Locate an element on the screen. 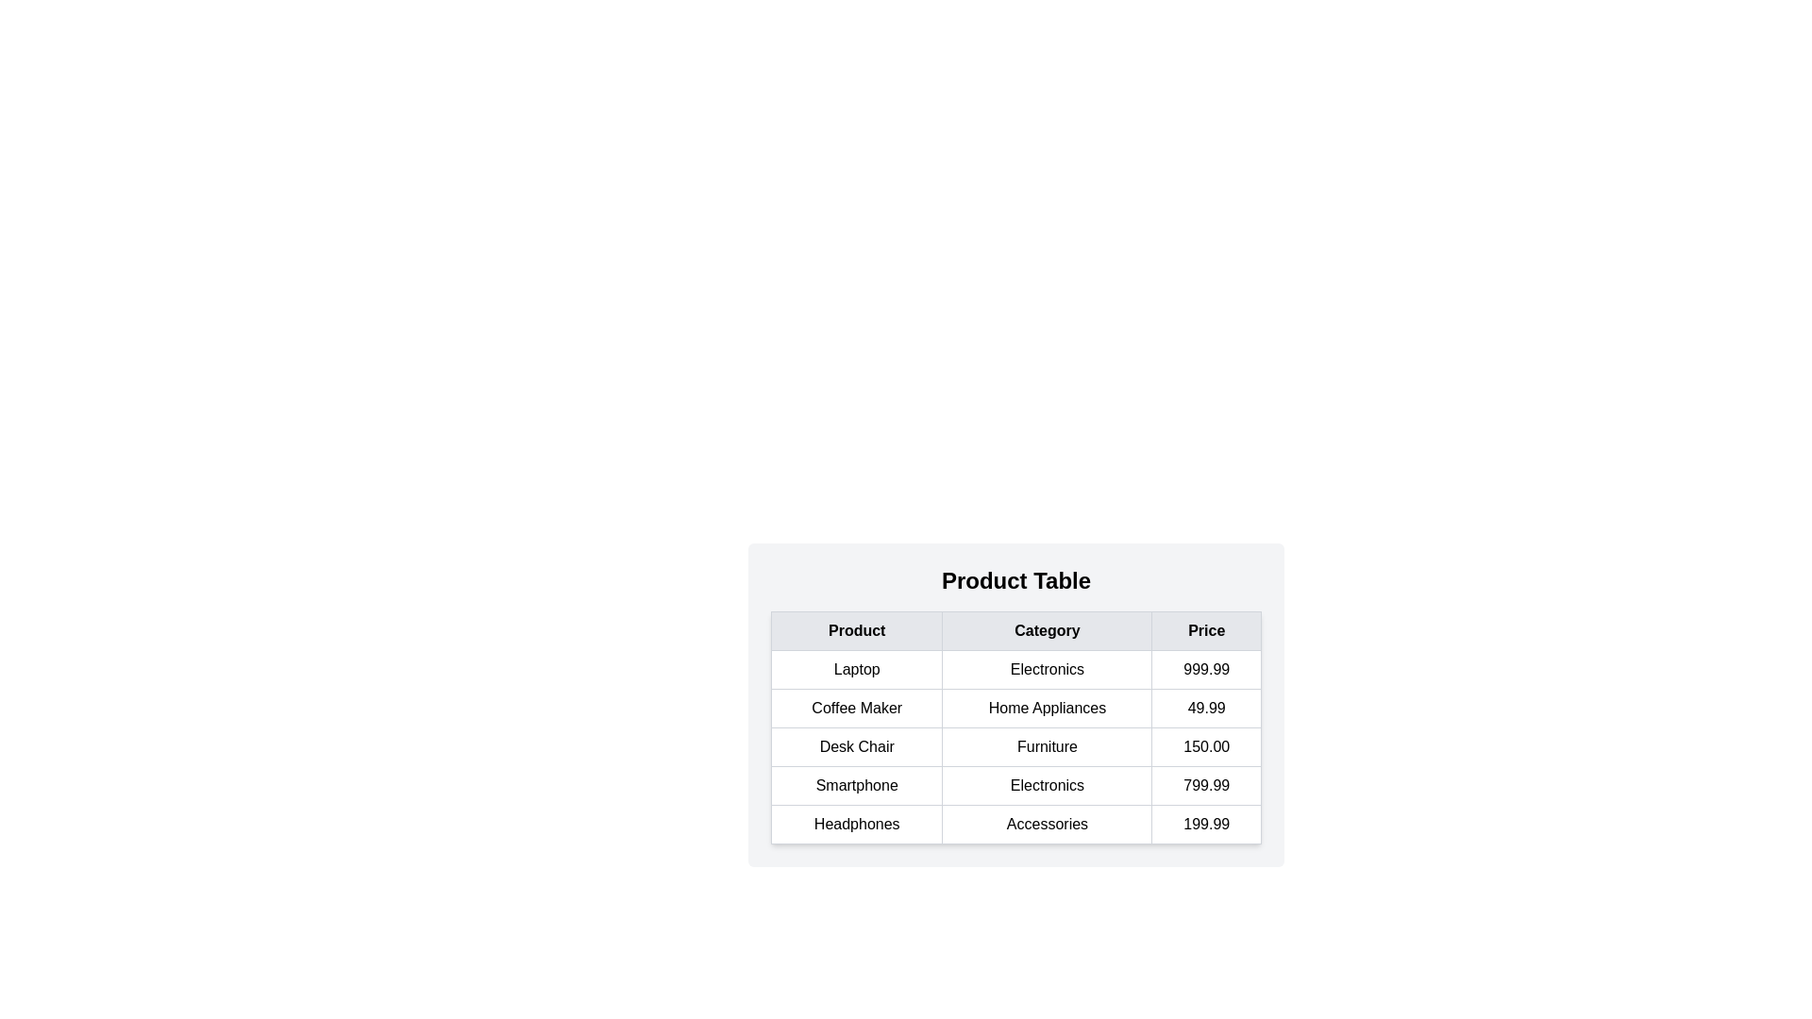 The image size is (1812, 1019). the 'Furniture' category label located in the third row of the table under the 'Category' column, between 'Desk Chair' and '150.00' is located at coordinates (1046, 745).